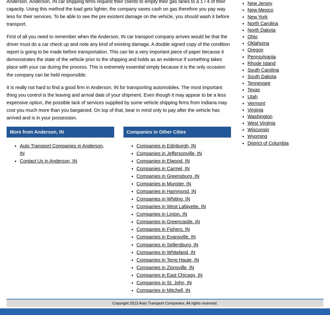 This screenshot has width=330, height=315. What do you see at coordinates (257, 136) in the screenshot?
I see `'Wyoming'` at bounding box center [257, 136].